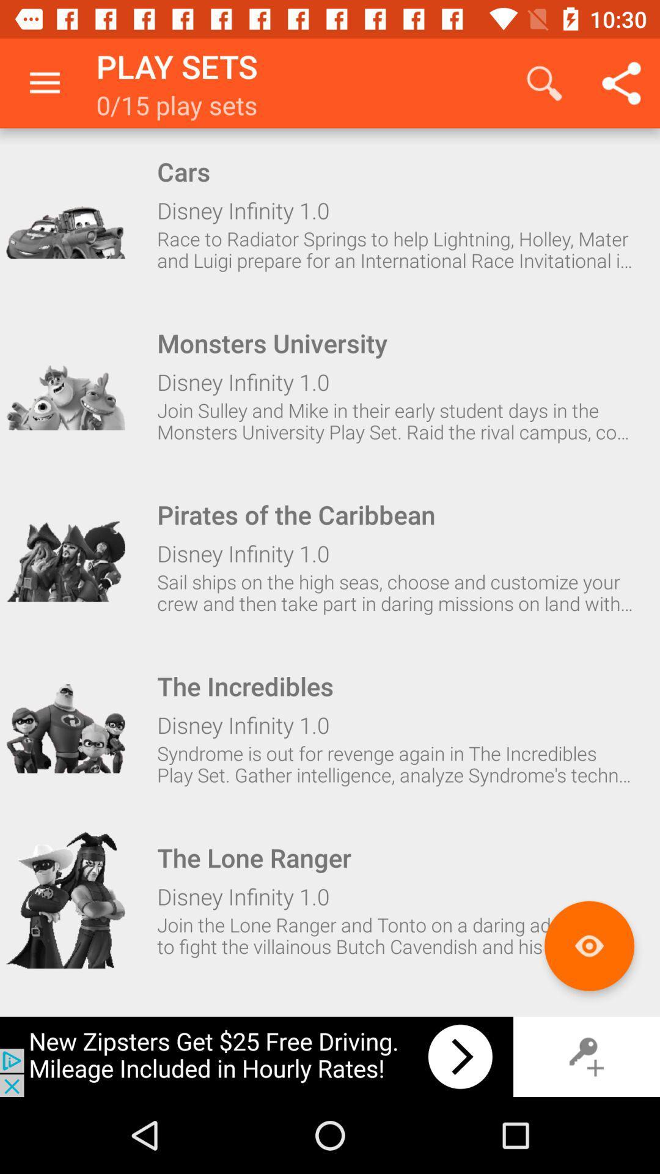  What do you see at coordinates (65, 385) in the screenshot?
I see `set` at bounding box center [65, 385].